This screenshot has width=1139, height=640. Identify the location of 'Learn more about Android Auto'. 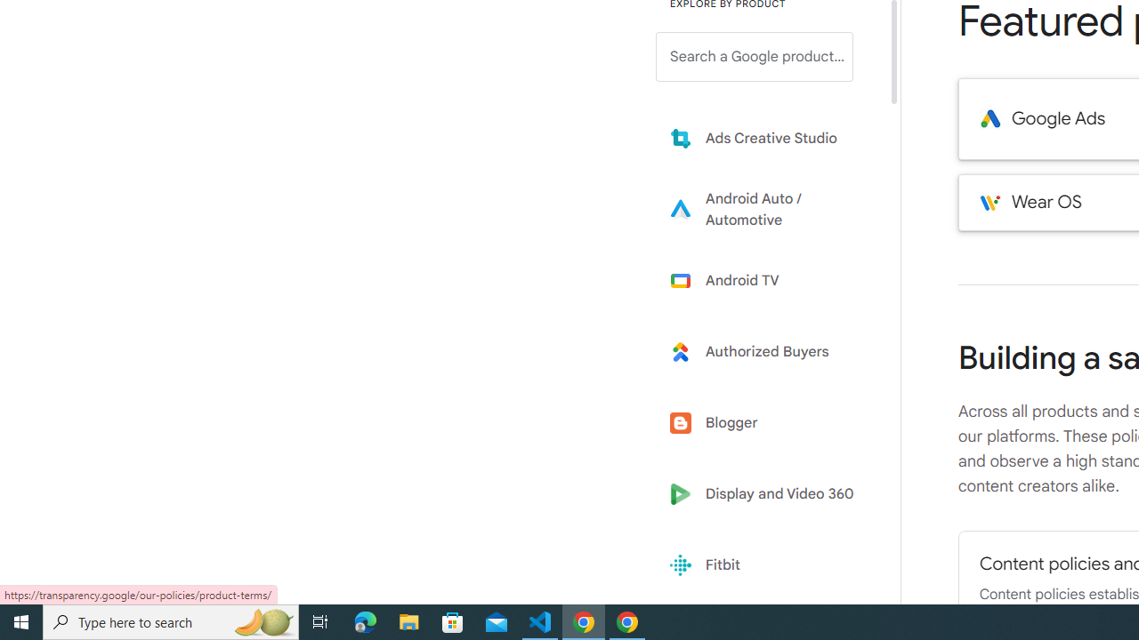
(767, 208).